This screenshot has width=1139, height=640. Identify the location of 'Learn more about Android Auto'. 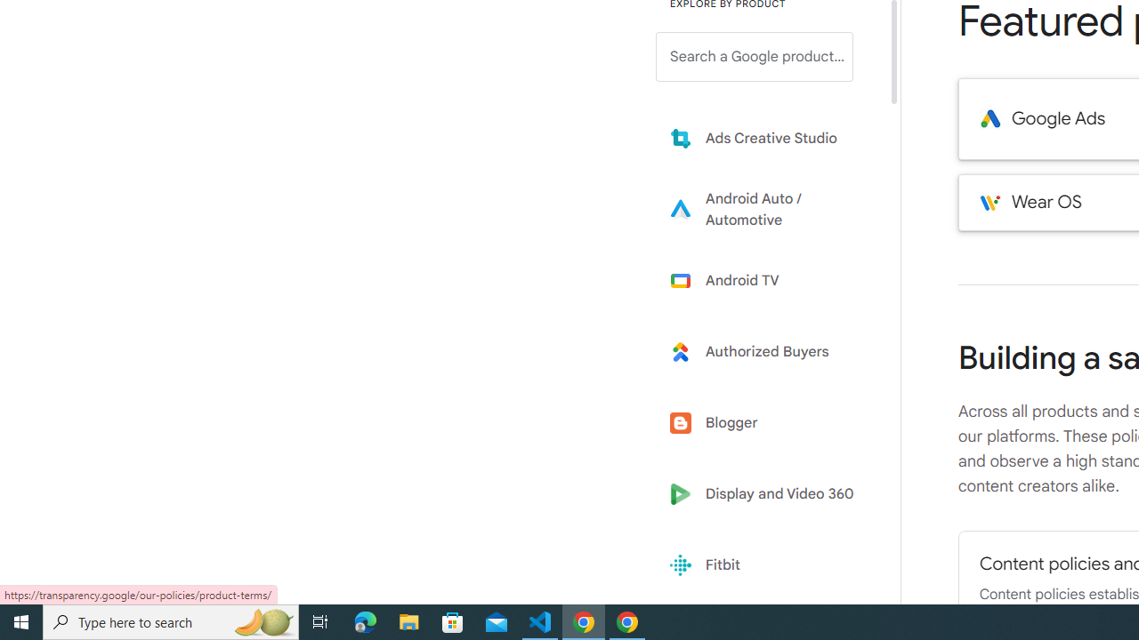
(767, 208).